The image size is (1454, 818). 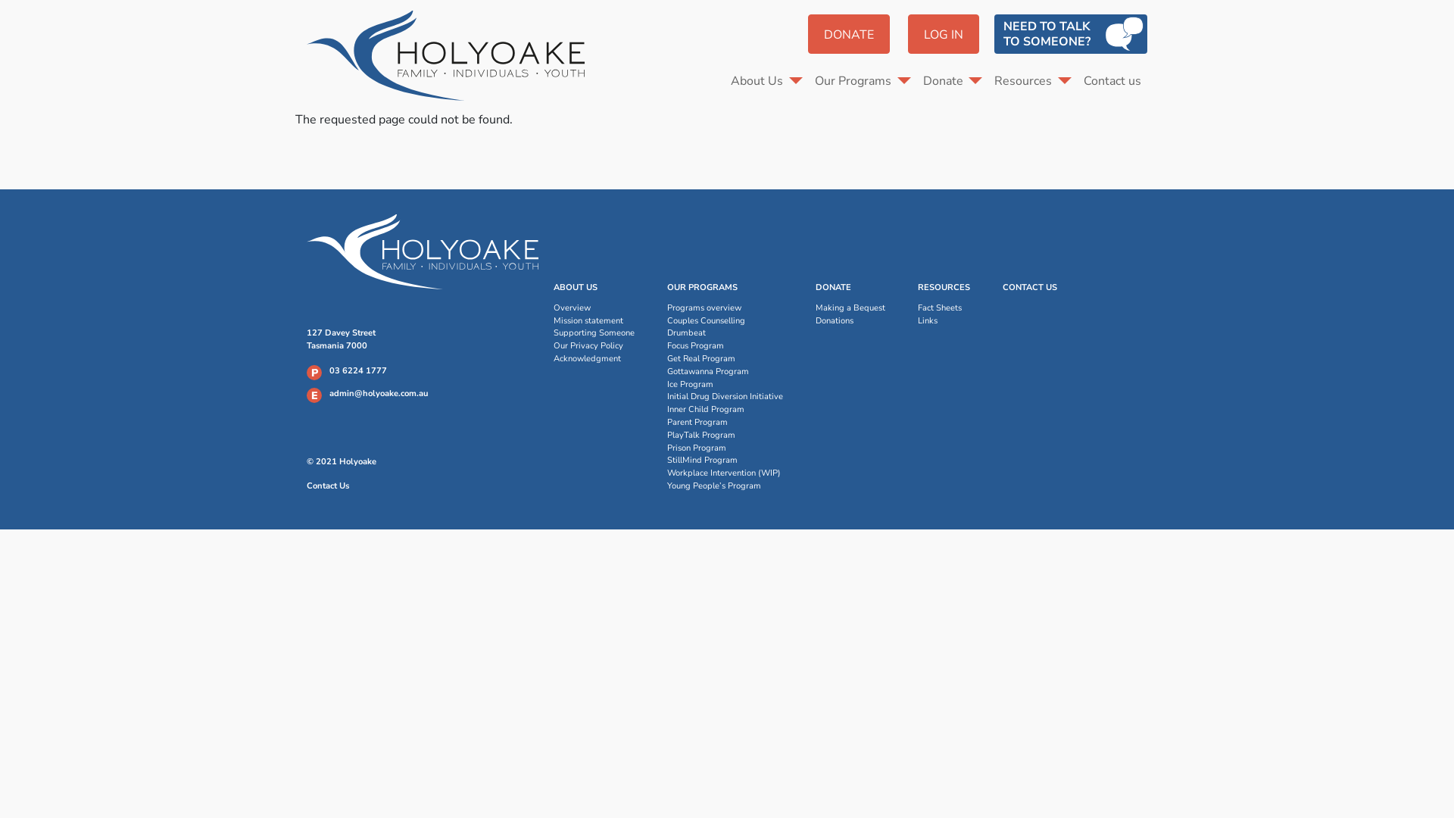 I want to click on 'Overview', so click(x=593, y=308).